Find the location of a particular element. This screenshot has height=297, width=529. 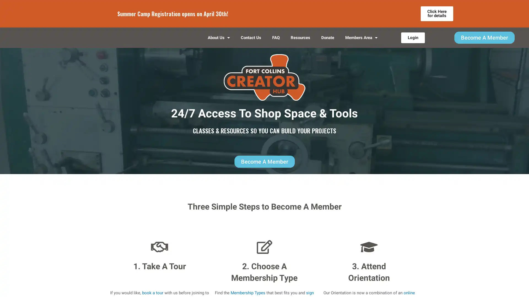

Become A Member is located at coordinates (264, 169).